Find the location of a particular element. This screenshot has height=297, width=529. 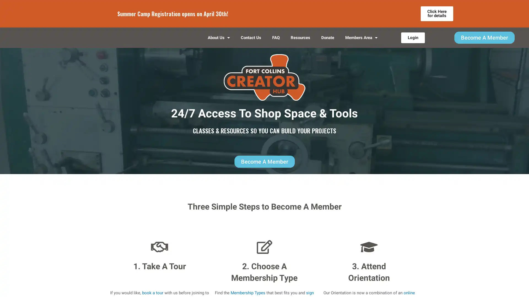

Become A Member is located at coordinates (264, 169).